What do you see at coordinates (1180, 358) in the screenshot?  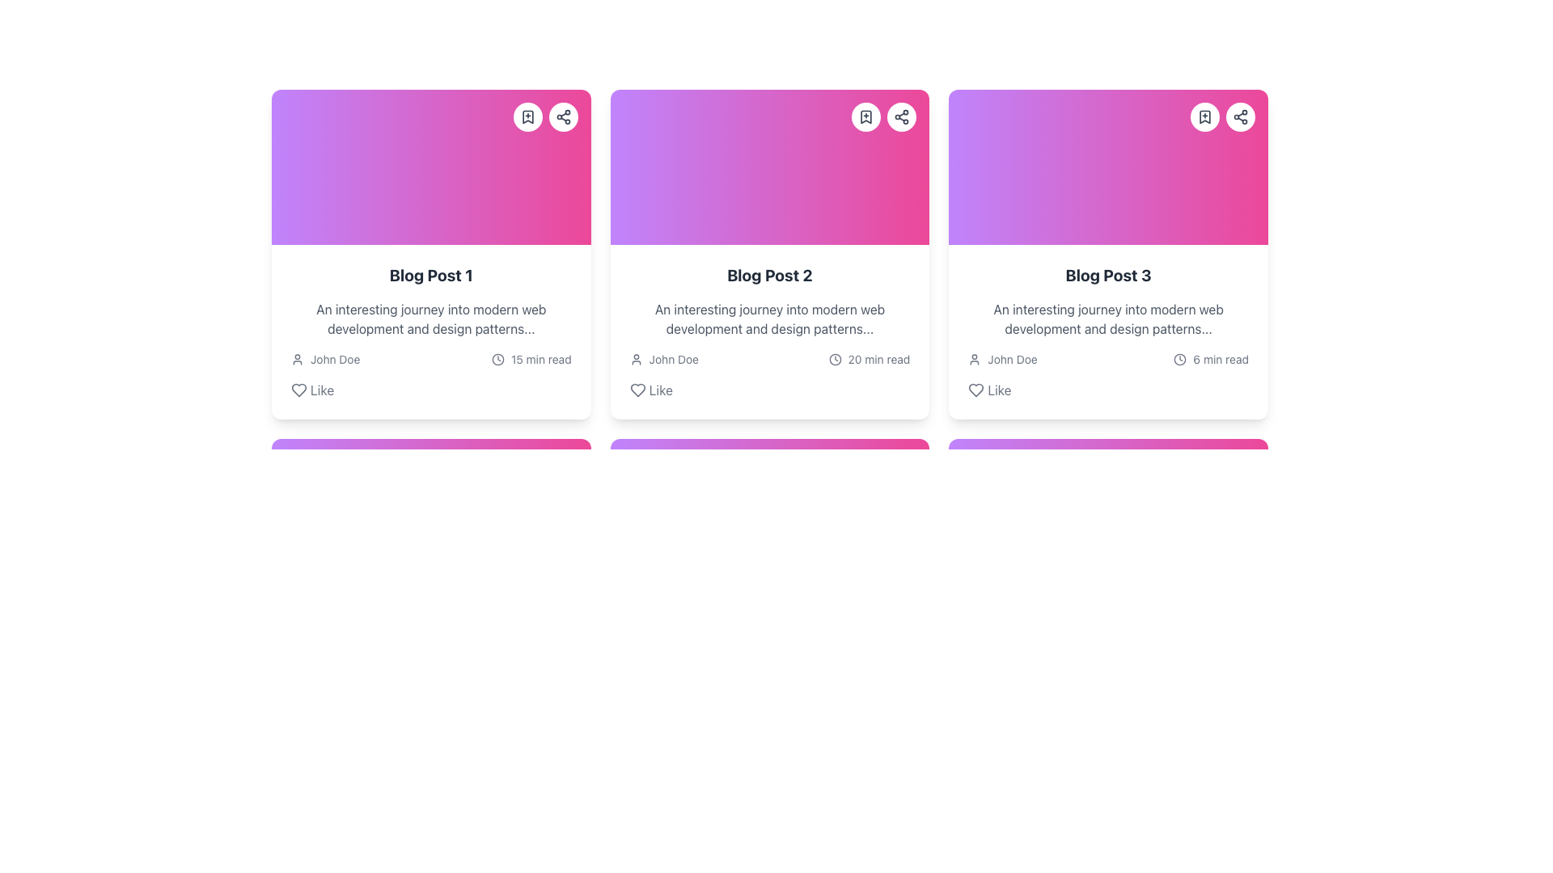 I see `the Circle shape element within the clock icon located at the top-right corner of the 'Blog Post 3' card, which serves as the outer border of the clock icon` at bounding box center [1180, 358].